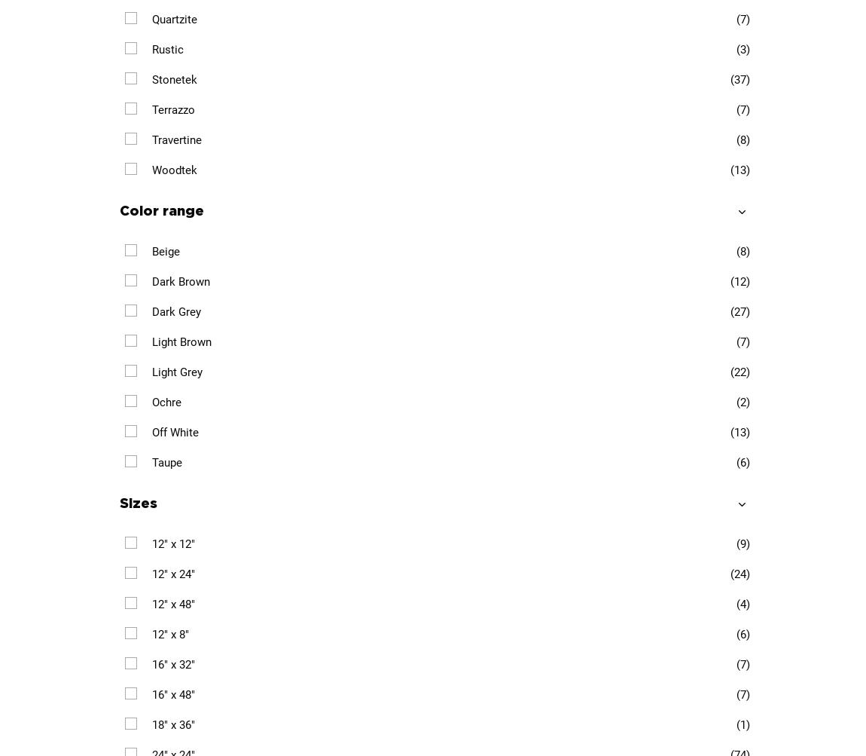 This screenshot has width=866, height=756. I want to click on '18" x 36"', so click(172, 723).